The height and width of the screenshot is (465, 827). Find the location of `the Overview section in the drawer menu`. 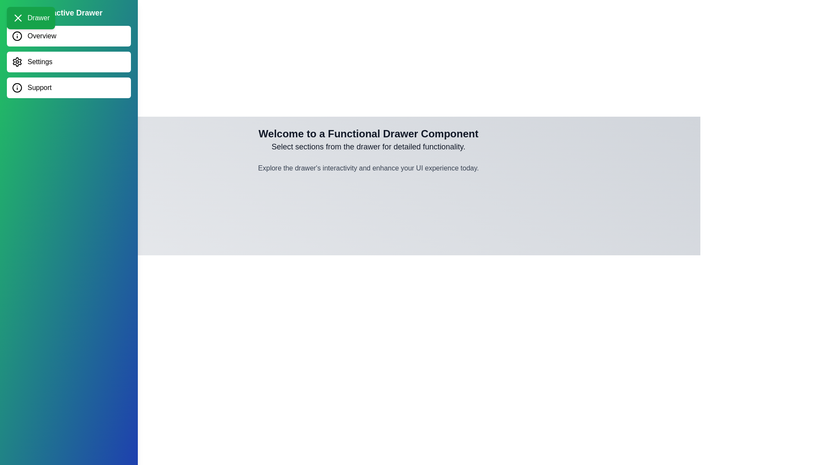

the Overview section in the drawer menu is located at coordinates (68, 36).